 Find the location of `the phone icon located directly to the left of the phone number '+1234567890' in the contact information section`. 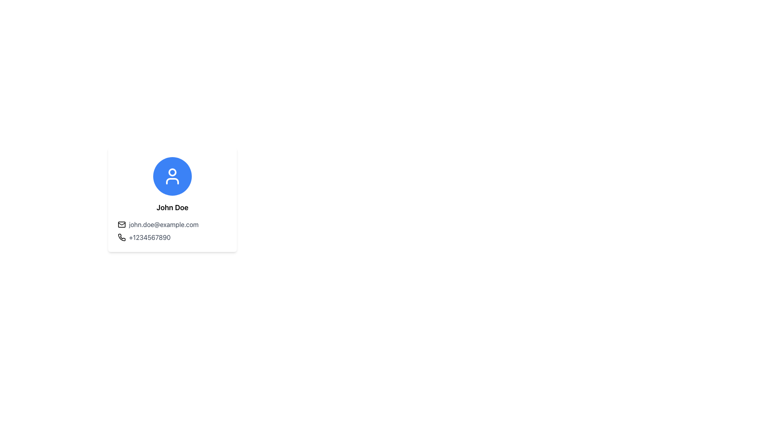

the phone icon located directly to the left of the phone number '+1234567890' in the contact information section is located at coordinates (121, 237).